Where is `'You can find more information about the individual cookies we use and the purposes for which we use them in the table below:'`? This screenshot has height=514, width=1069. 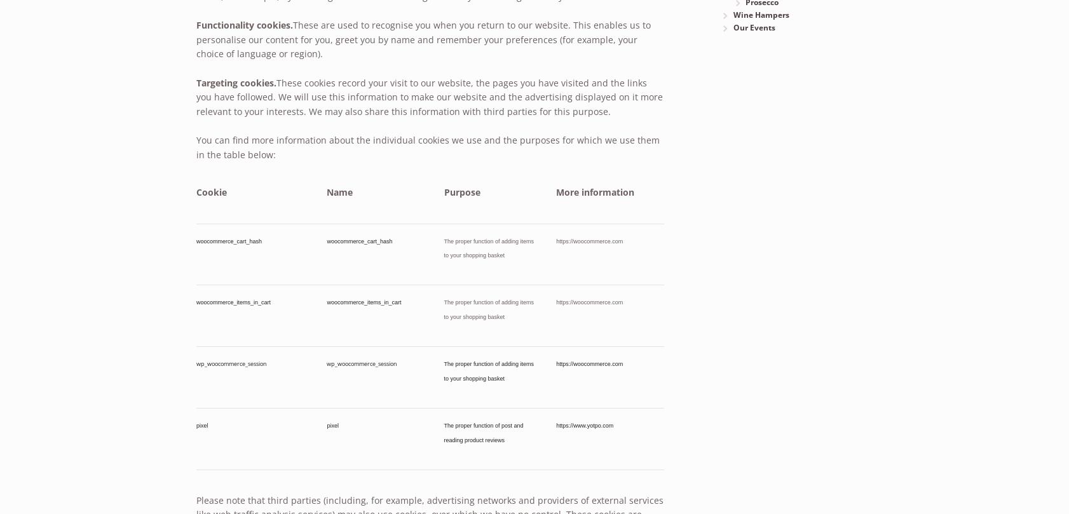
'You can find more information about the individual cookies we use and the purposes for which we use them in the table below:' is located at coordinates (428, 146).